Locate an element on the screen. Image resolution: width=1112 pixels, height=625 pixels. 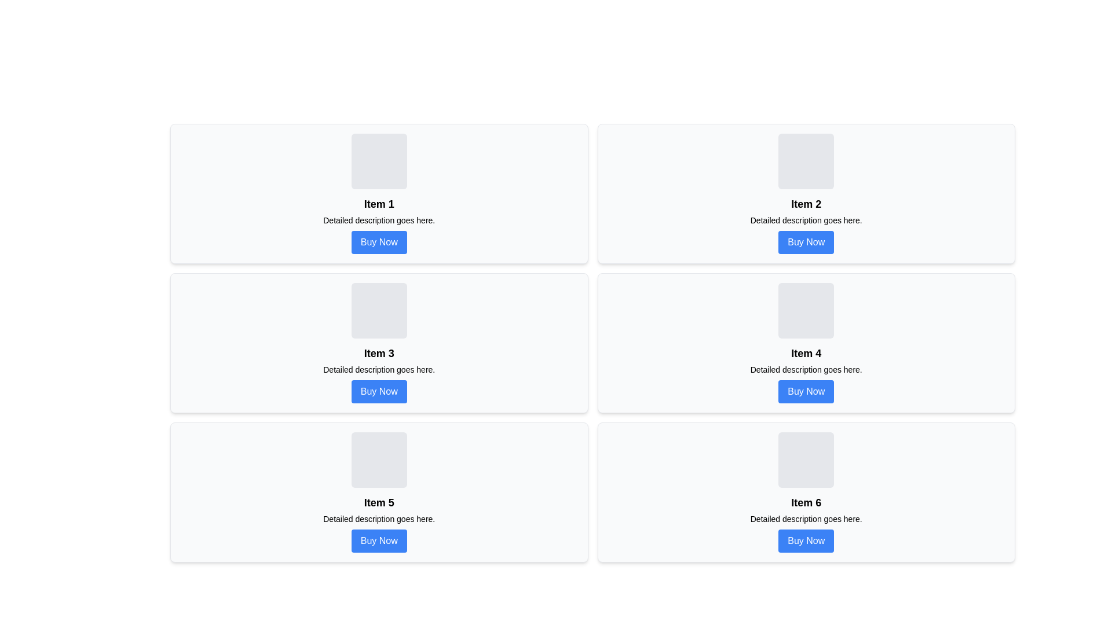
the purchase button located in the panel for 'Item 2', positioned below its descriptive text, to initiate a purchase is located at coordinates (806, 242).